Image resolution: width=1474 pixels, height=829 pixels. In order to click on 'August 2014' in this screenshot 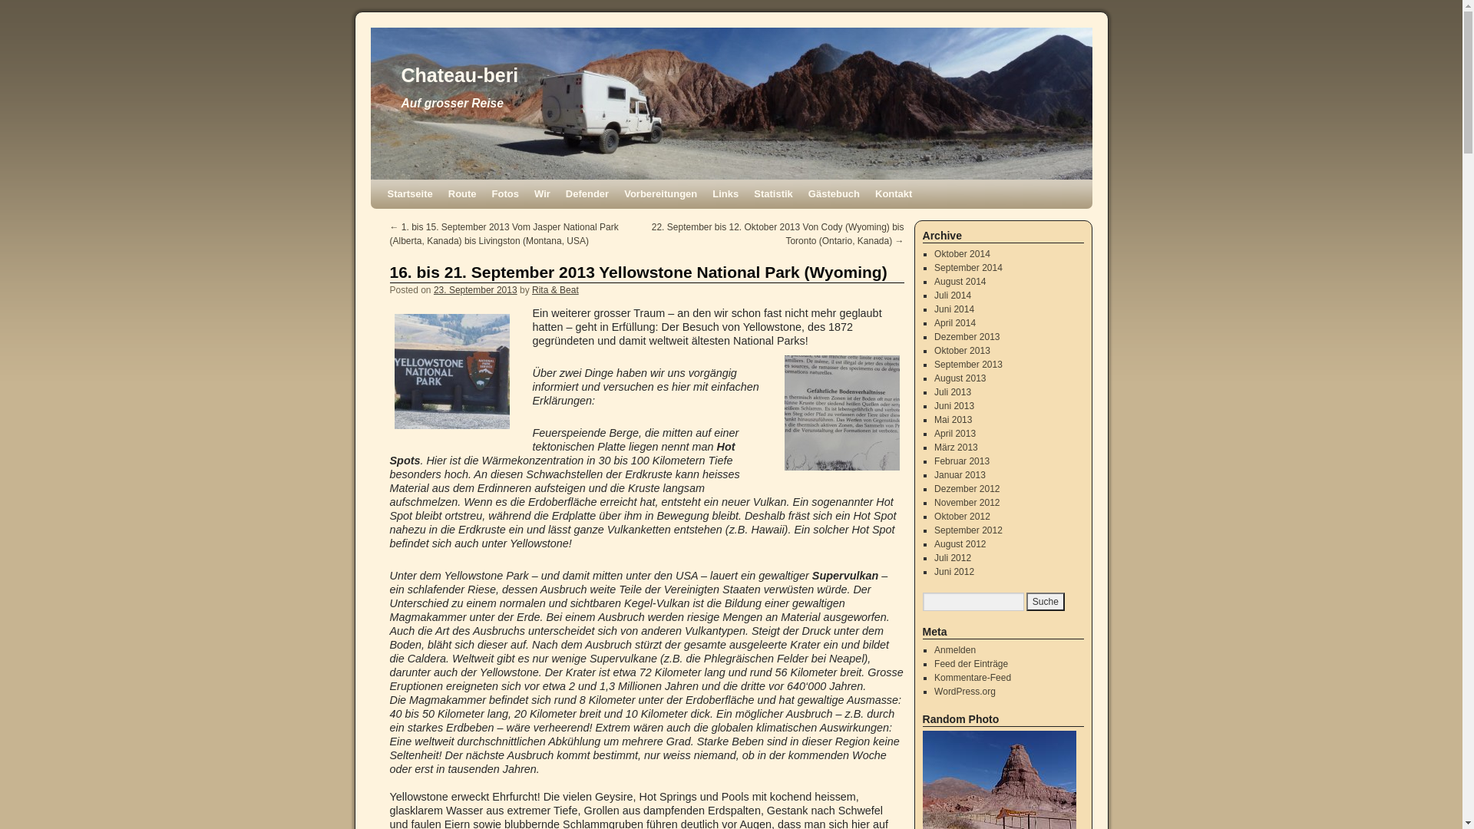, I will do `click(959, 281)`.